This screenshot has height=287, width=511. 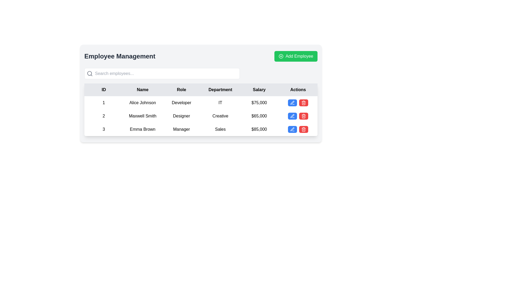 I want to click on the 'Sales' text label in the Department column for employee 'Emma Brown', which is centered in its cell, adjacent to 'Manager' and '$85,000', so click(x=220, y=129).